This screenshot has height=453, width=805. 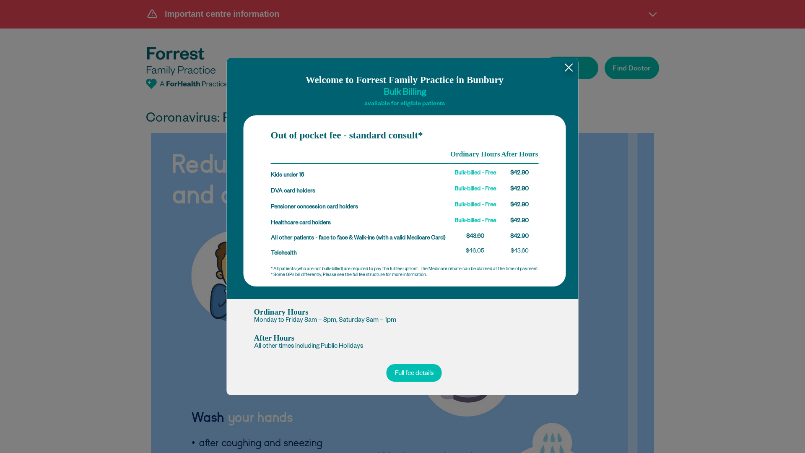 What do you see at coordinates (165, 14) in the screenshot?
I see `'Important centre information'` at bounding box center [165, 14].